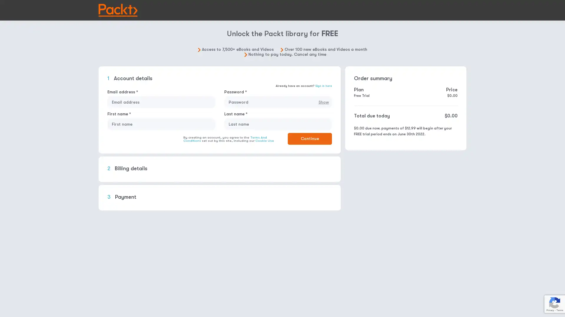  Describe the element at coordinates (309, 138) in the screenshot. I see `Continue` at that location.